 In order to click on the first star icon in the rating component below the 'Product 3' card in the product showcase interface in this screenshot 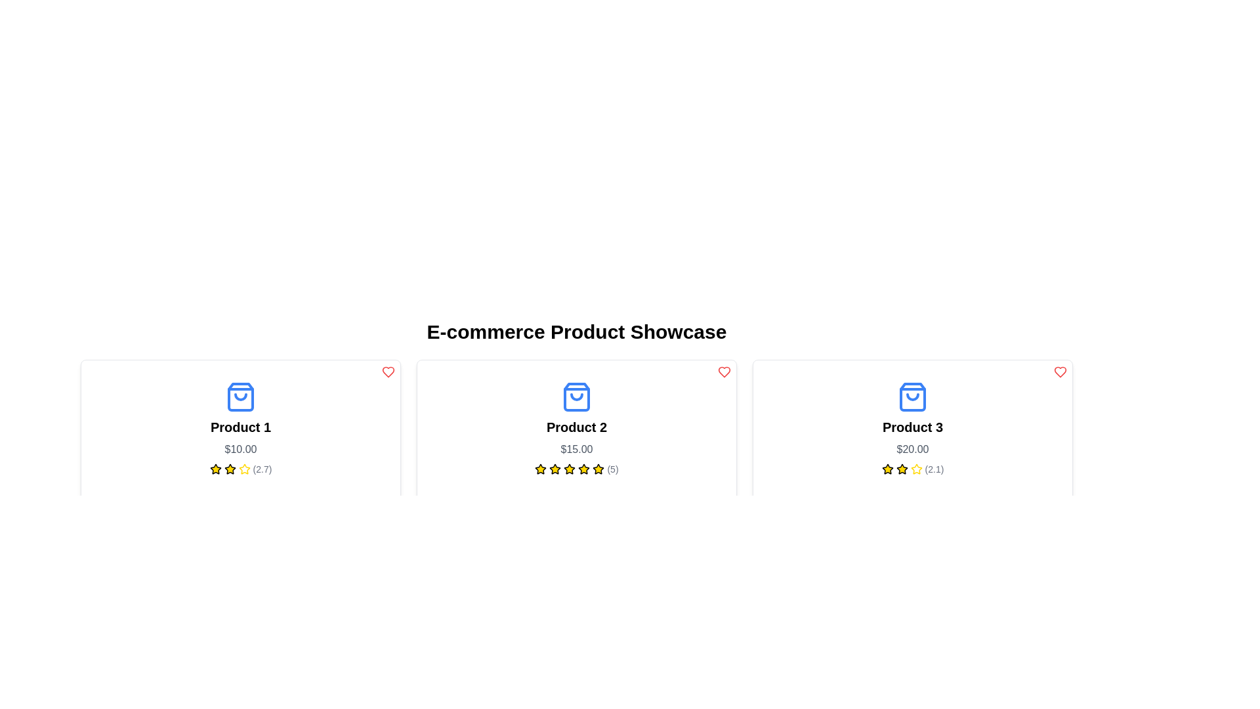, I will do `click(887, 468)`.